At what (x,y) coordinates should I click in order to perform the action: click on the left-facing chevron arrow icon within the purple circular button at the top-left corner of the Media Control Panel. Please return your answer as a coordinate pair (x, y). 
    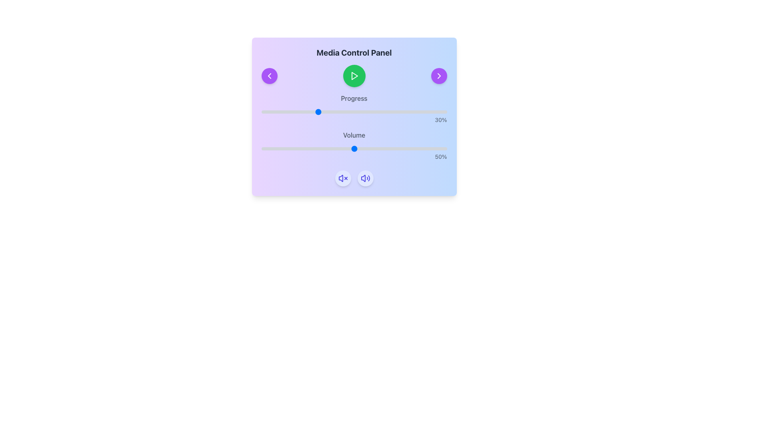
    Looking at the image, I should click on (269, 76).